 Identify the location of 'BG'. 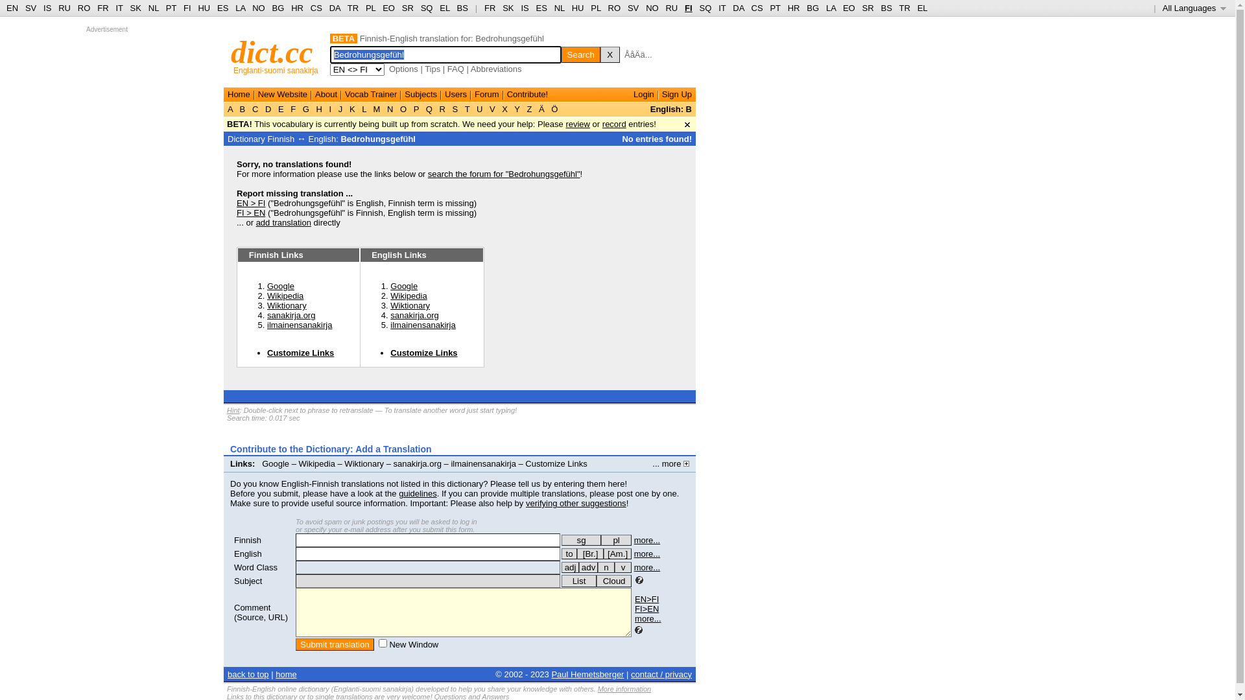
(812, 8).